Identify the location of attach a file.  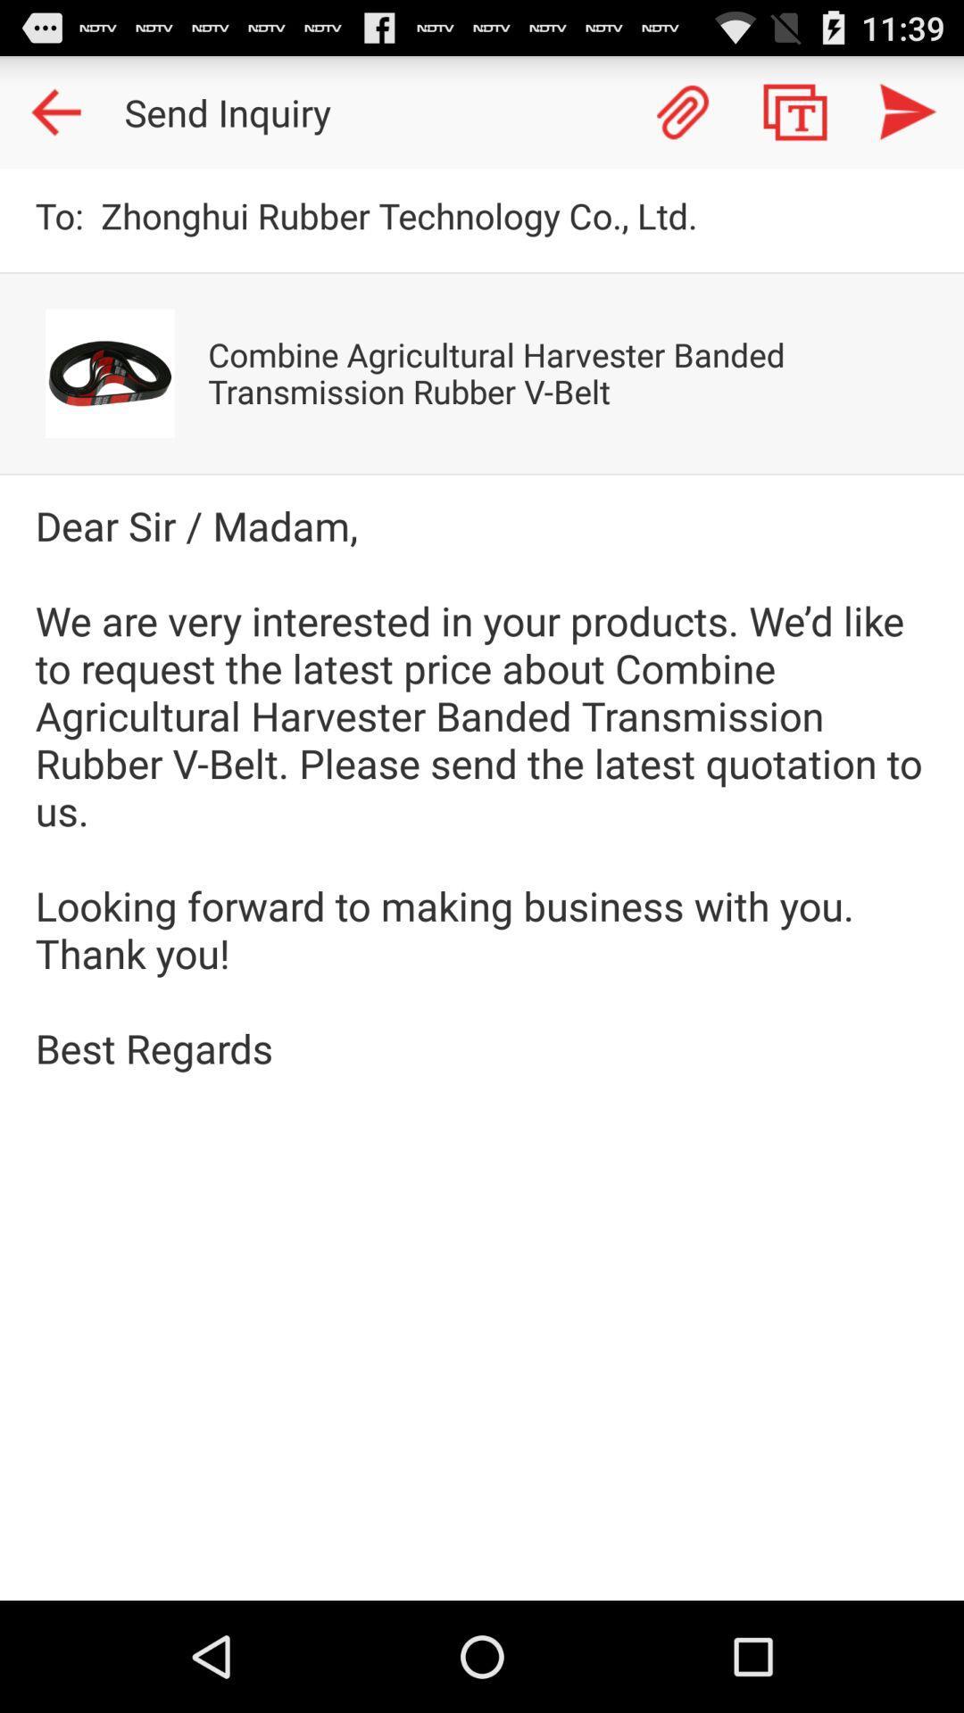
(682, 111).